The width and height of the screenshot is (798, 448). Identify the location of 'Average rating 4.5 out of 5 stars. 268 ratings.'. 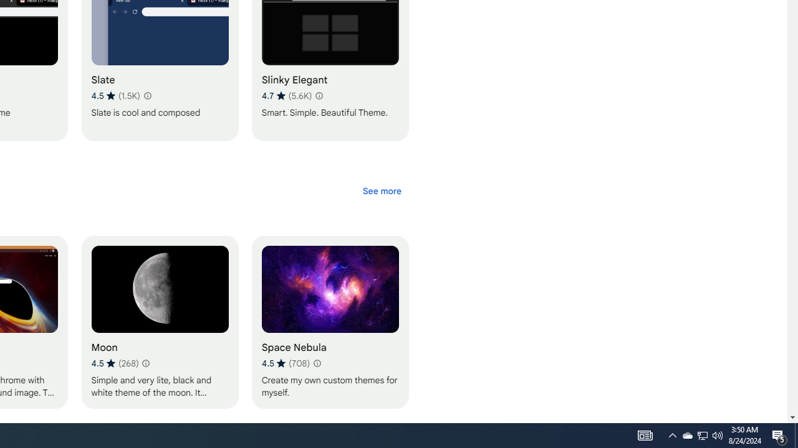
(115, 363).